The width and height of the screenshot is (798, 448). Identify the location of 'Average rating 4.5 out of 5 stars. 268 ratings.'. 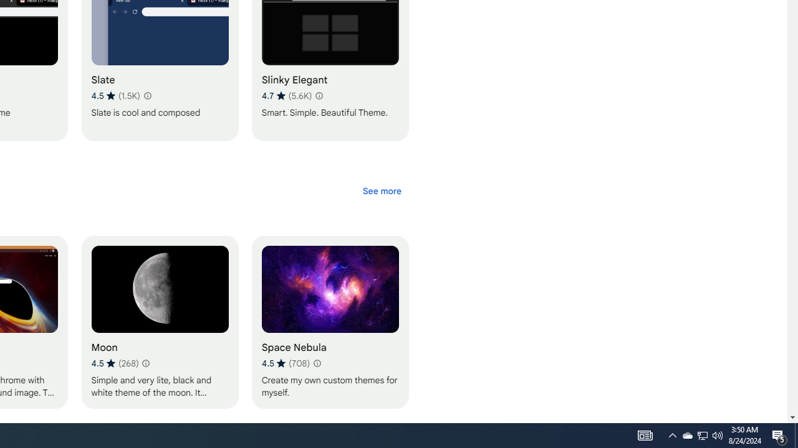
(115, 363).